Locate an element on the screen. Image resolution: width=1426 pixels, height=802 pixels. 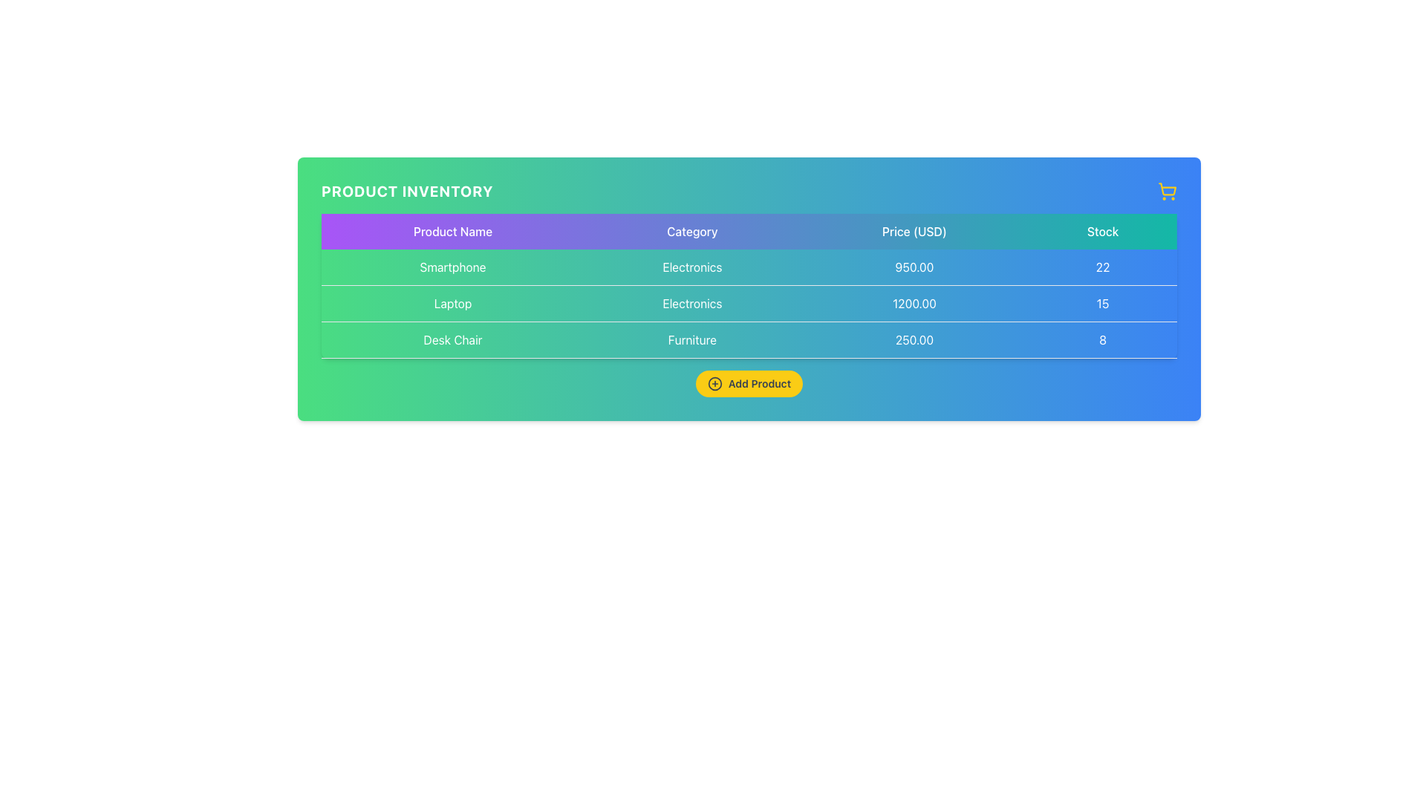
the non-interactive Text display cell that shows the inventory stock quantity for a product in the fourth column of the third row of the table labeled 'Stock' is located at coordinates (1103, 340).